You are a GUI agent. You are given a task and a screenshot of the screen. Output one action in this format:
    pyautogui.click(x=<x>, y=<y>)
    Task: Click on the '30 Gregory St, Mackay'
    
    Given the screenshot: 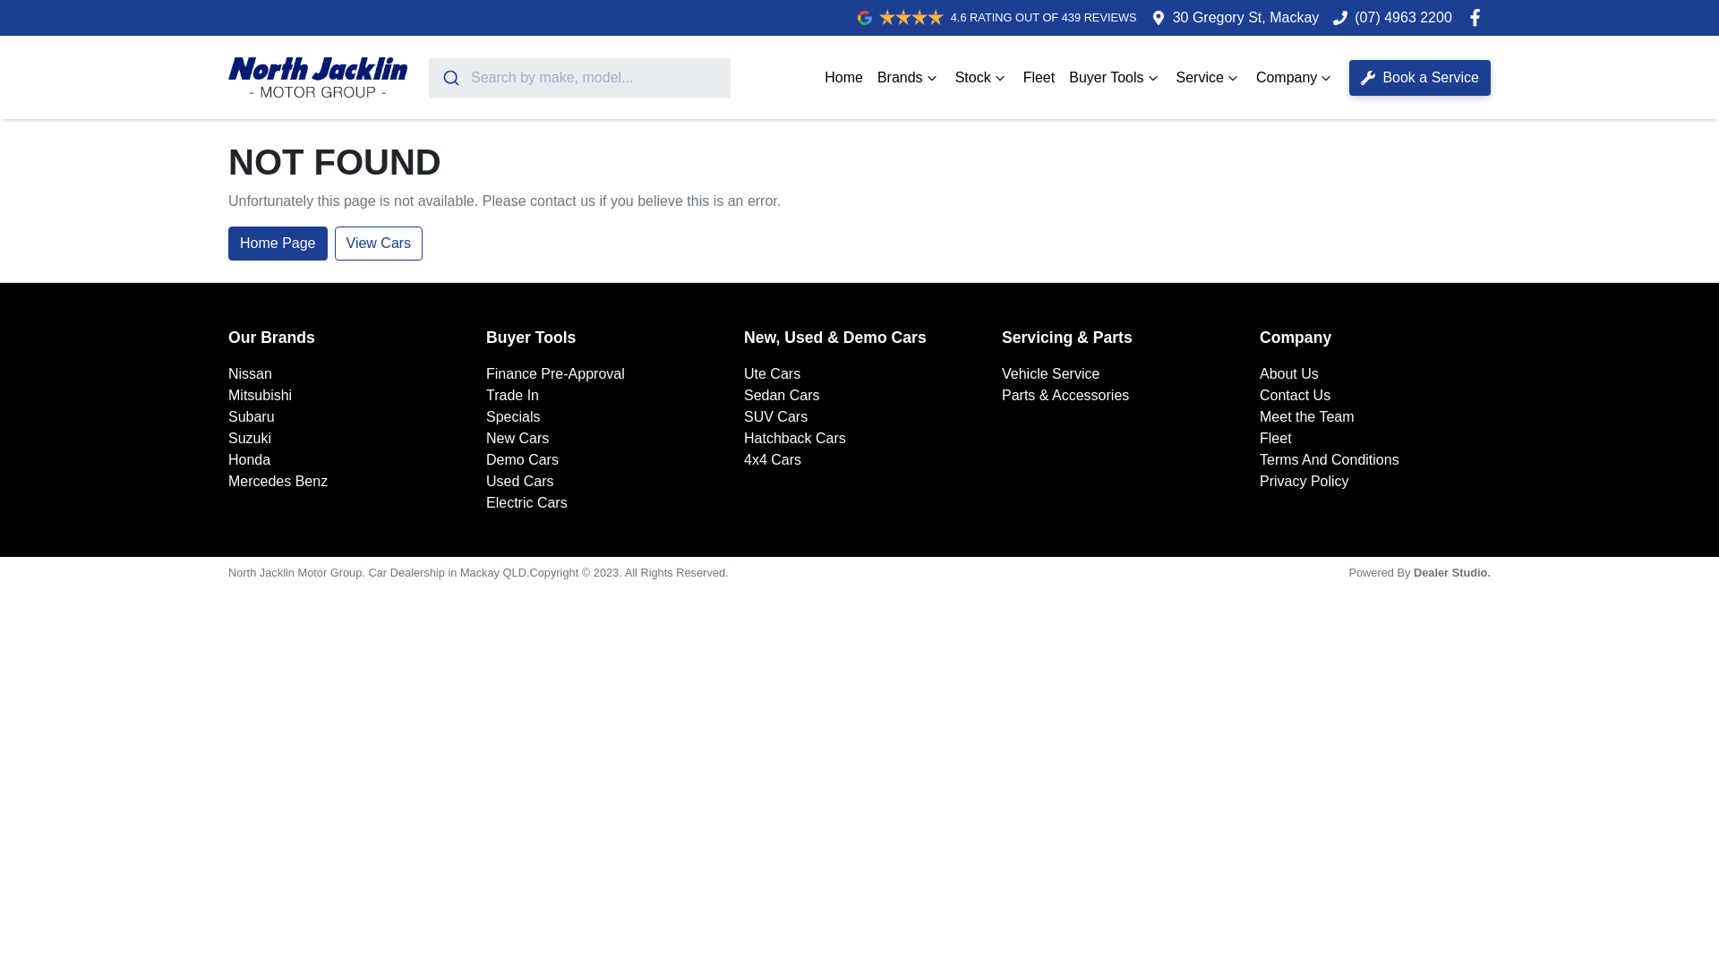 What is the action you would take?
    pyautogui.click(x=1245, y=17)
    